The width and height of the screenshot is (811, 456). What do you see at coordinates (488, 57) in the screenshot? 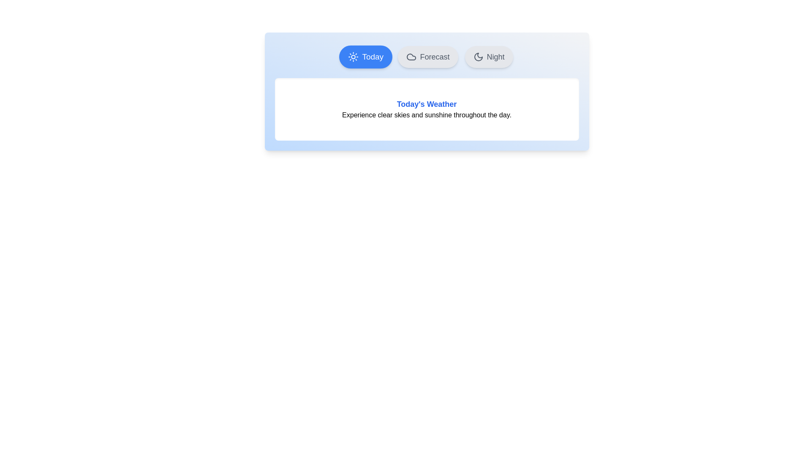
I see `the Night tab to view its content` at bounding box center [488, 57].